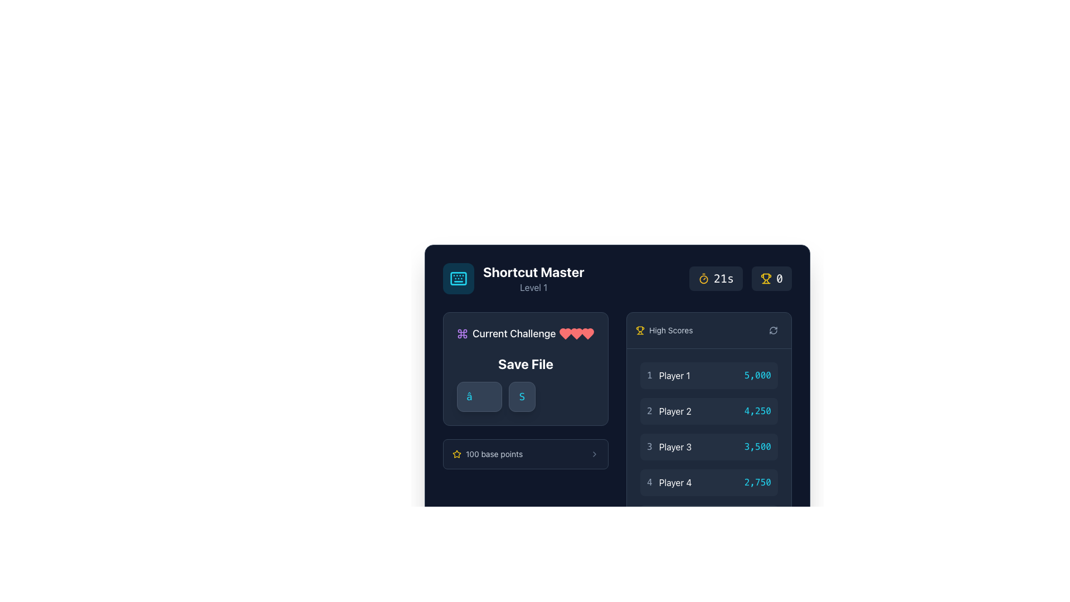 The width and height of the screenshot is (1070, 602). I want to click on the prominent yellow star-shaped icon located above a darker background and preceding the text '100 base points', so click(457, 454).